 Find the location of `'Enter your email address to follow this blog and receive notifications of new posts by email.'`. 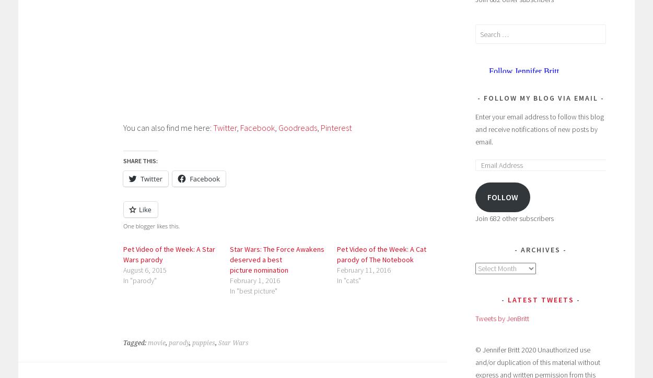

'Enter your email address to follow this blog and receive notifications of new posts by email.' is located at coordinates (540, 129).